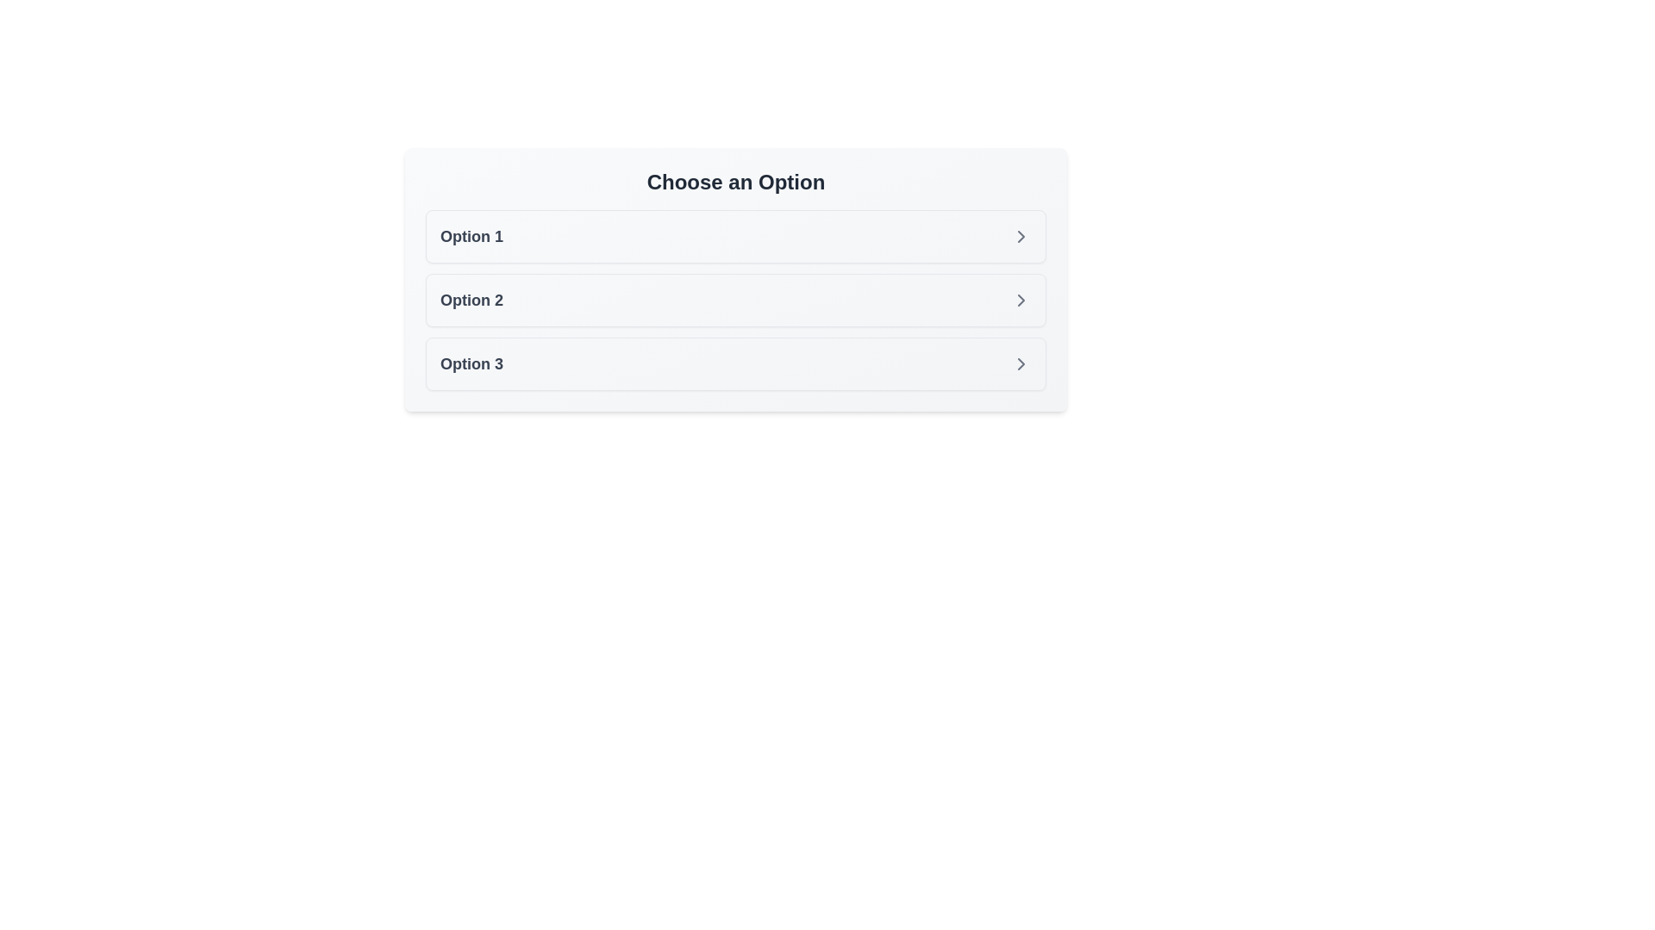  I want to click on the right-pointing chevron icon used for navigation located at the far-right of the first option in the 'Choose an Option' list, so click(1021, 236).